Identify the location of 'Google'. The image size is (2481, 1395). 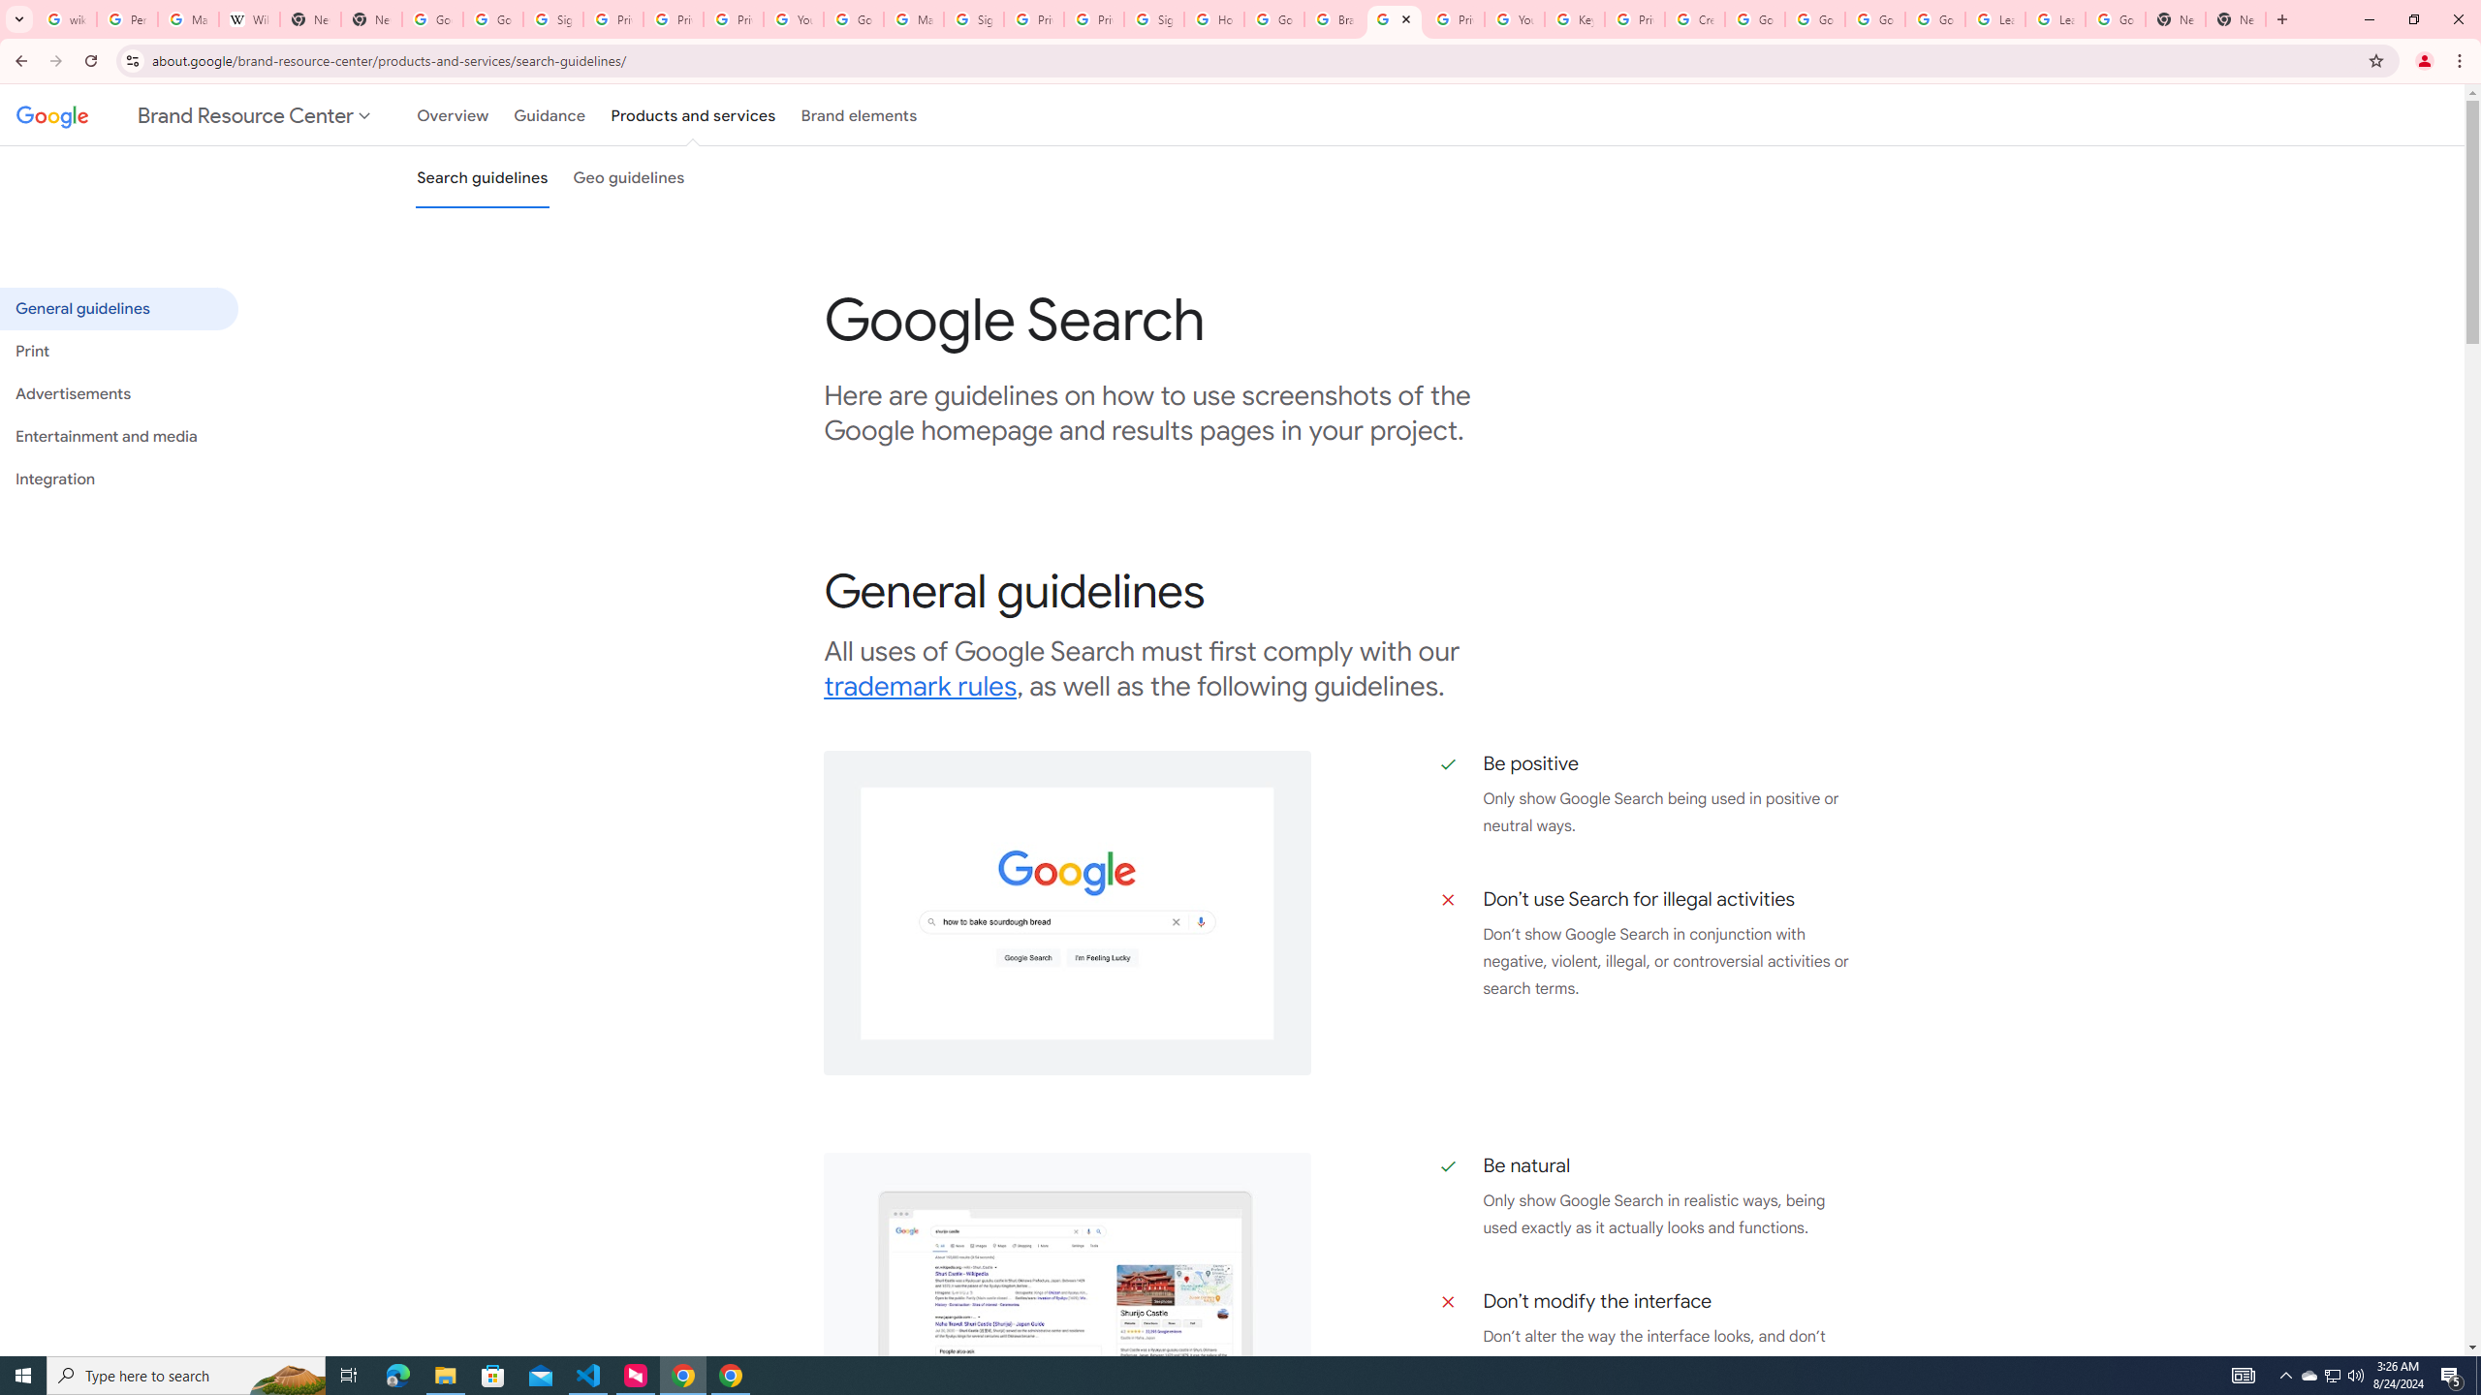
(47, 114).